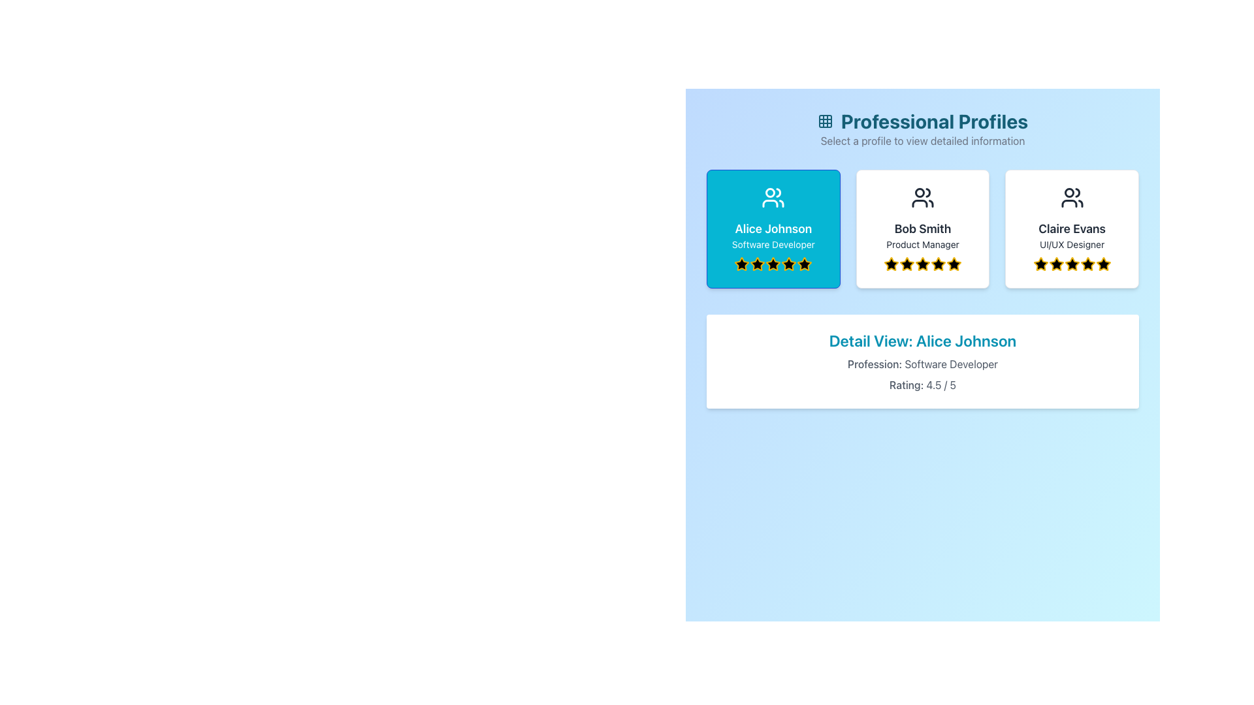  What do you see at coordinates (1056, 264) in the screenshot?
I see `the fourth star in the five-star rating component for the profile card of 'Claire Evans, UI/UX Designer'` at bounding box center [1056, 264].